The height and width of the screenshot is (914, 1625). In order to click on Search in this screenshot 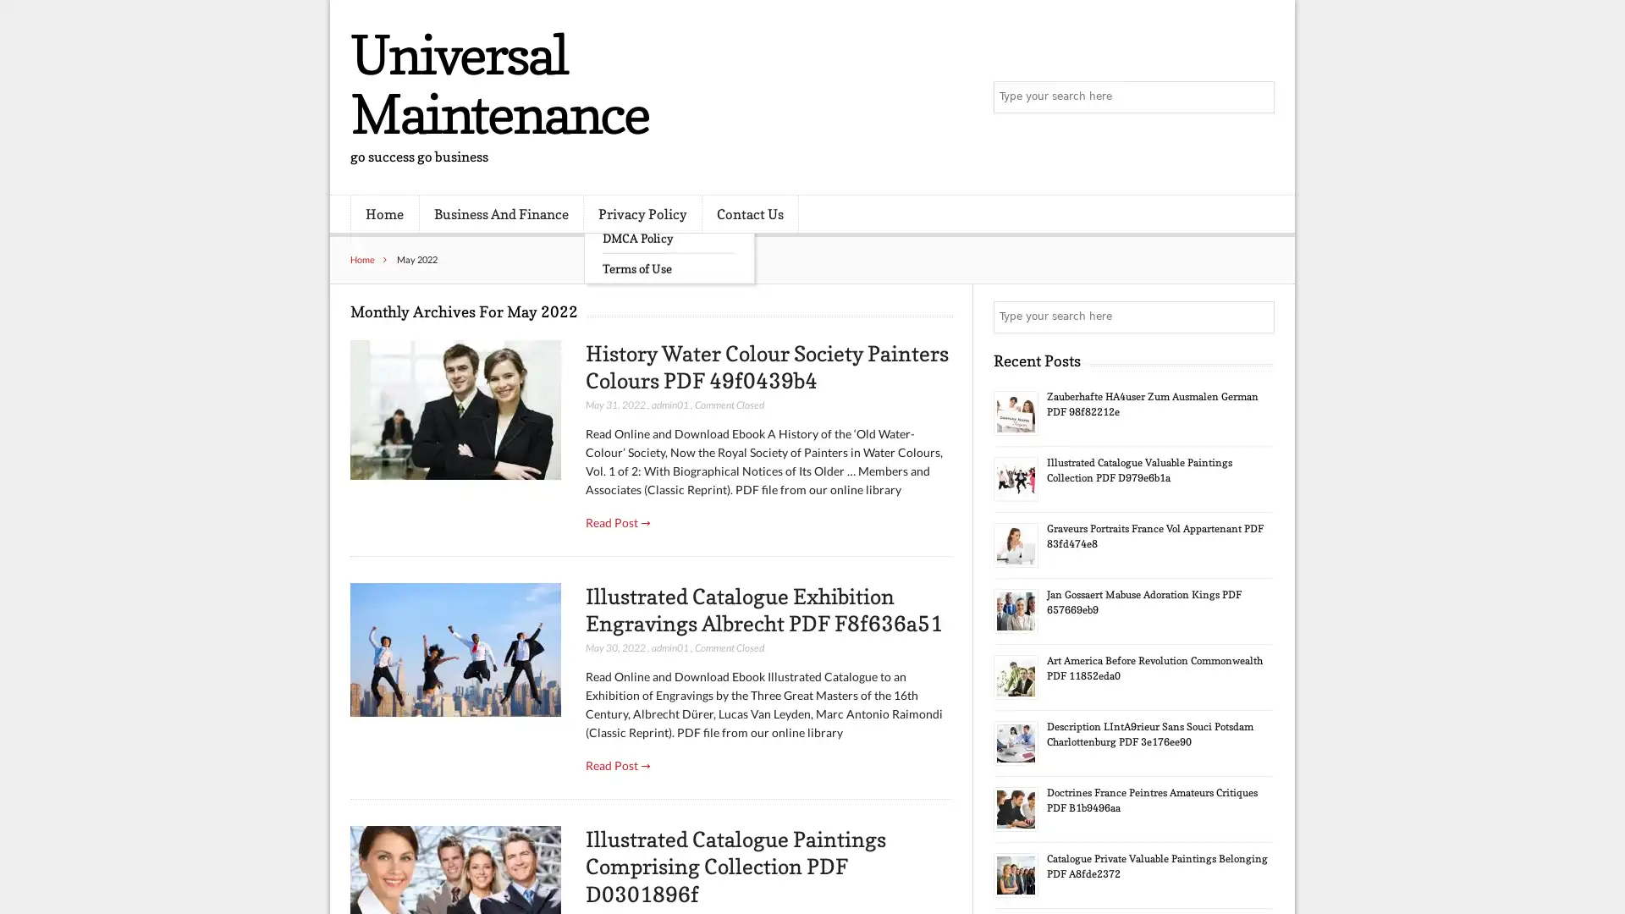, I will do `click(1257, 97)`.